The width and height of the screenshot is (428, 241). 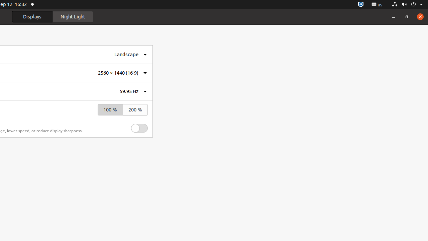 What do you see at coordinates (129, 91) in the screenshot?
I see `'59.95 Hz'` at bounding box center [129, 91].